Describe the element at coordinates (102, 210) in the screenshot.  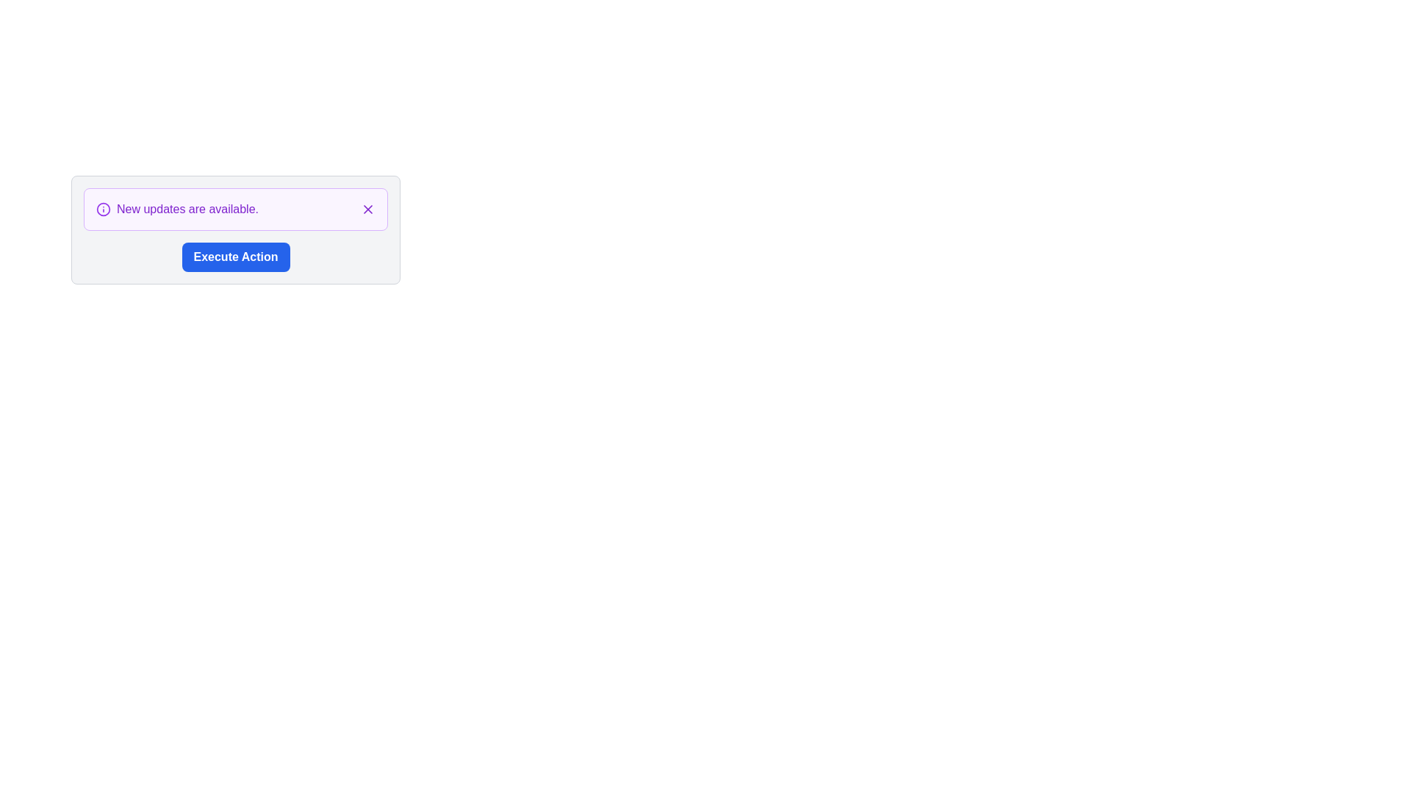
I see `the circular graphical indicator with a purple outline that symbolizes an information notification, located to the left of the text 'New updates are available.'` at that location.